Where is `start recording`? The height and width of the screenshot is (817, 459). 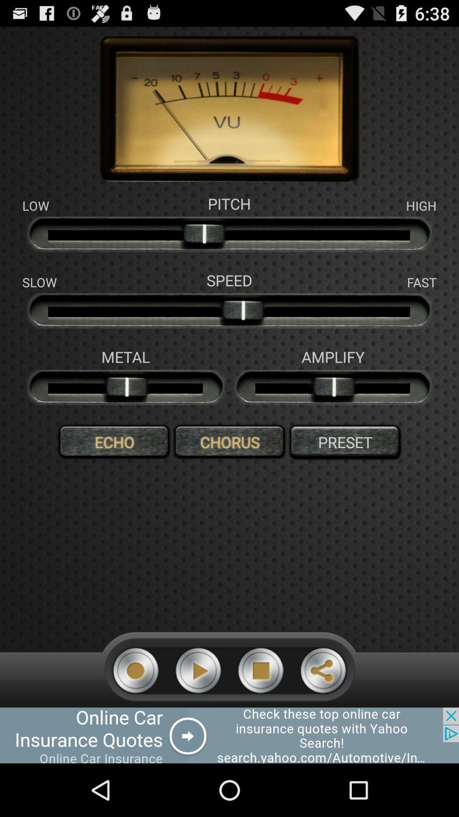 start recording is located at coordinates (135, 670).